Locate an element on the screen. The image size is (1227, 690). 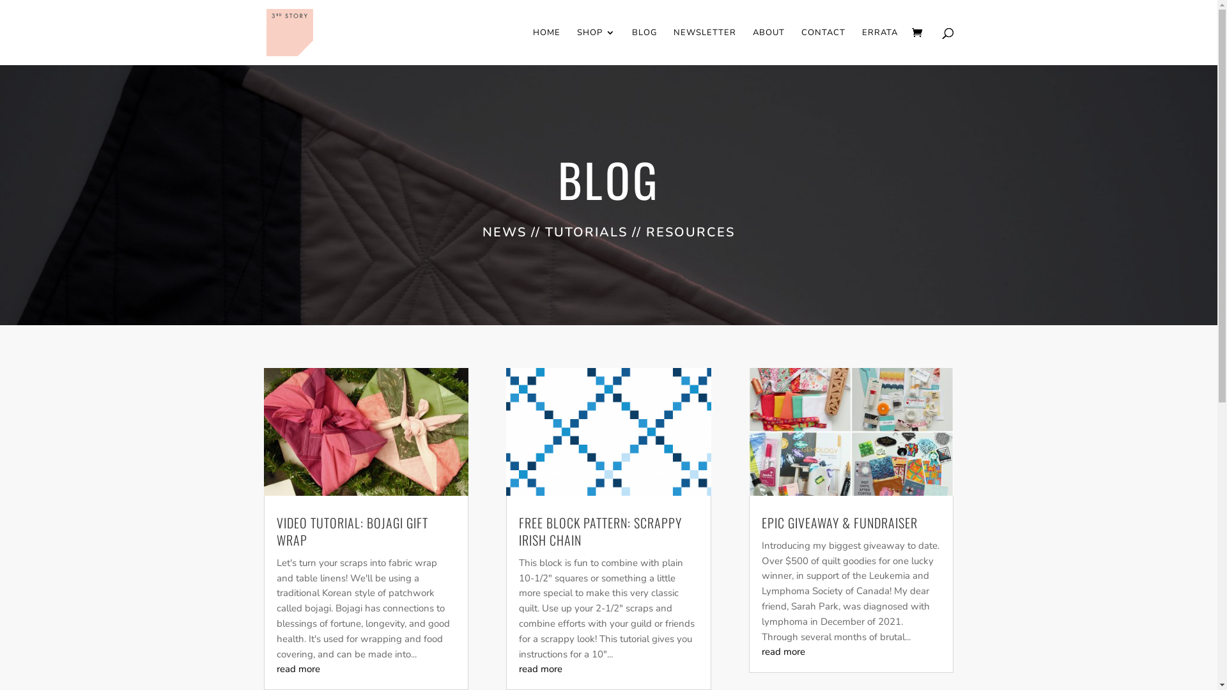
'CONTACT' is located at coordinates (823, 46).